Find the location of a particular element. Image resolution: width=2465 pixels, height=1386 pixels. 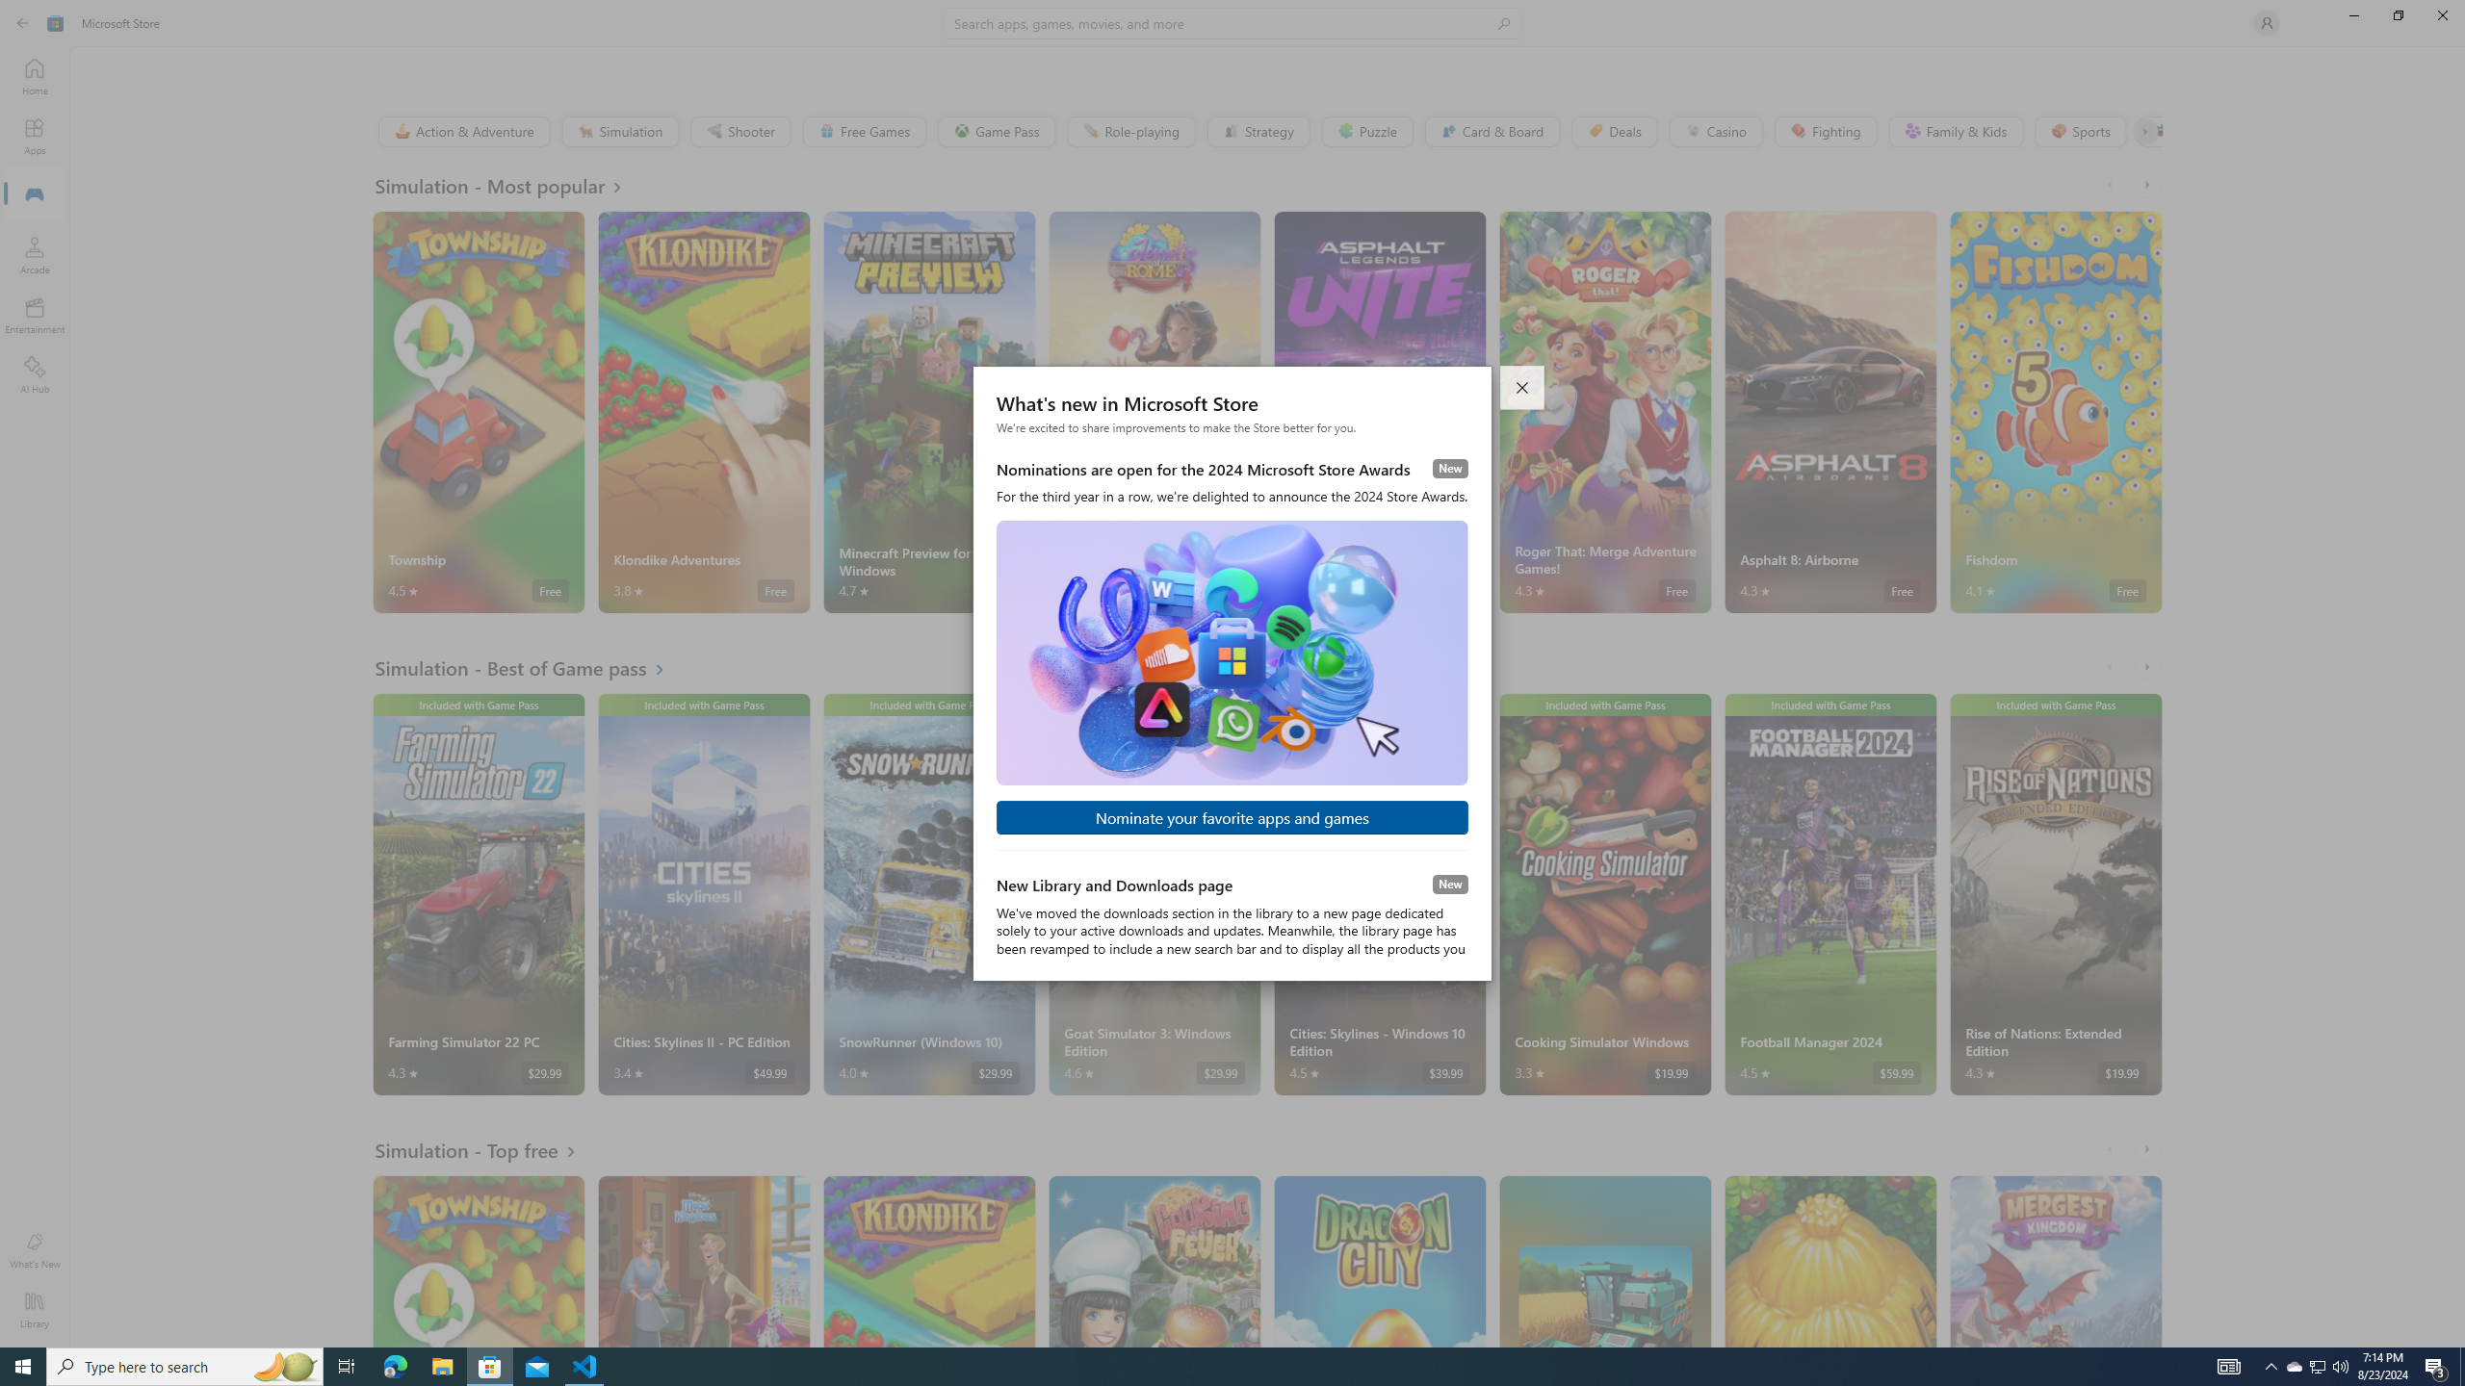

'Dragon City. Average rating of 4.5 out of five stars. Free  ' is located at coordinates (1378, 1260).